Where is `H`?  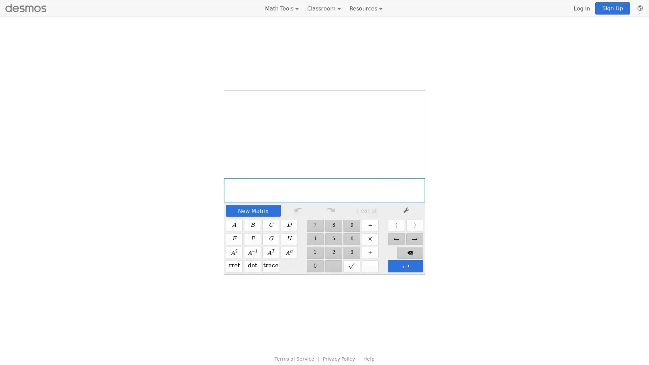 H is located at coordinates (289, 239).